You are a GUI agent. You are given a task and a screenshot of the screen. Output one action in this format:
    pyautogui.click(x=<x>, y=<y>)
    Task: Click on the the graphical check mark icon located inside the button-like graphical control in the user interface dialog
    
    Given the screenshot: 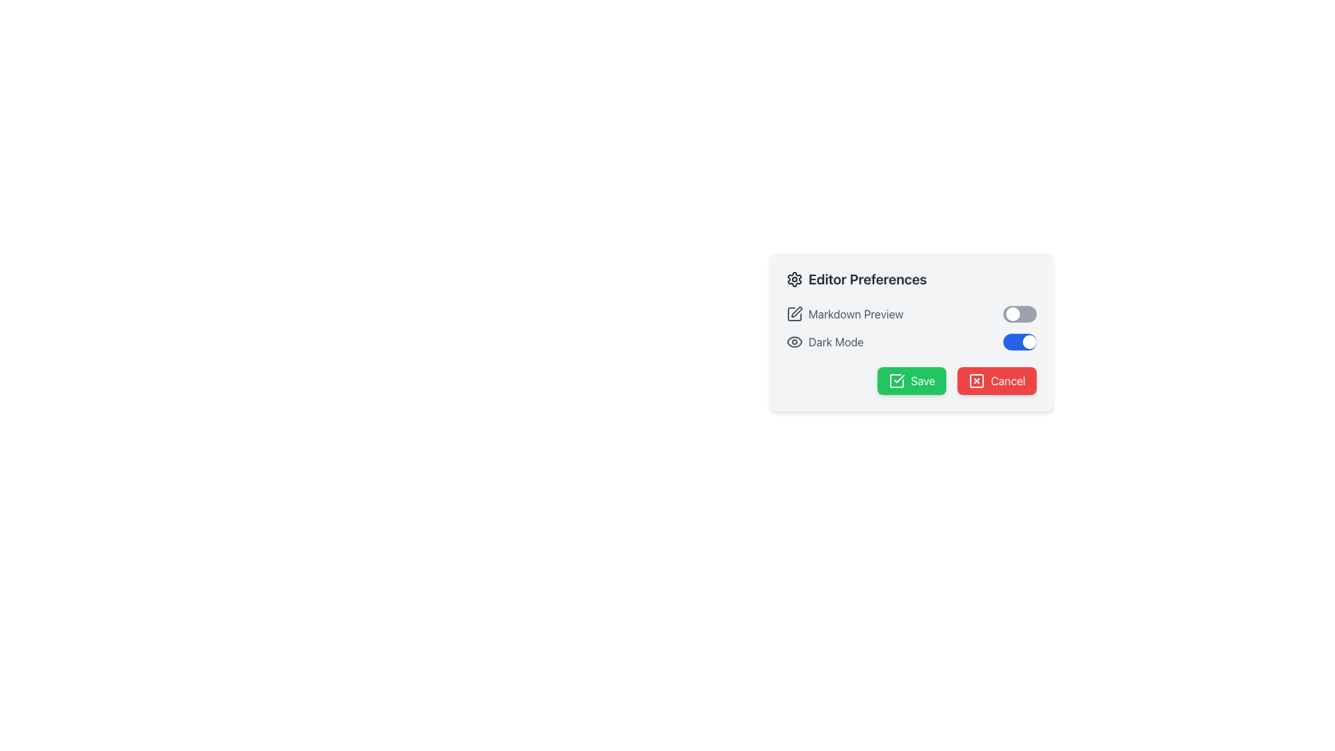 What is the action you would take?
    pyautogui.click(x=899, y=378)
    